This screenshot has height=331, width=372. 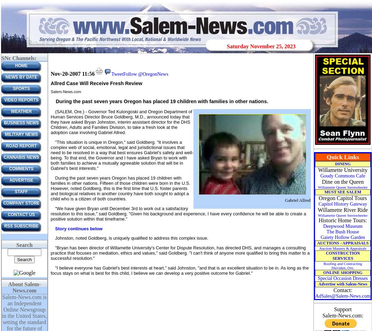 I want to click on 'SNc Channels:', so click(x=18, y=58).